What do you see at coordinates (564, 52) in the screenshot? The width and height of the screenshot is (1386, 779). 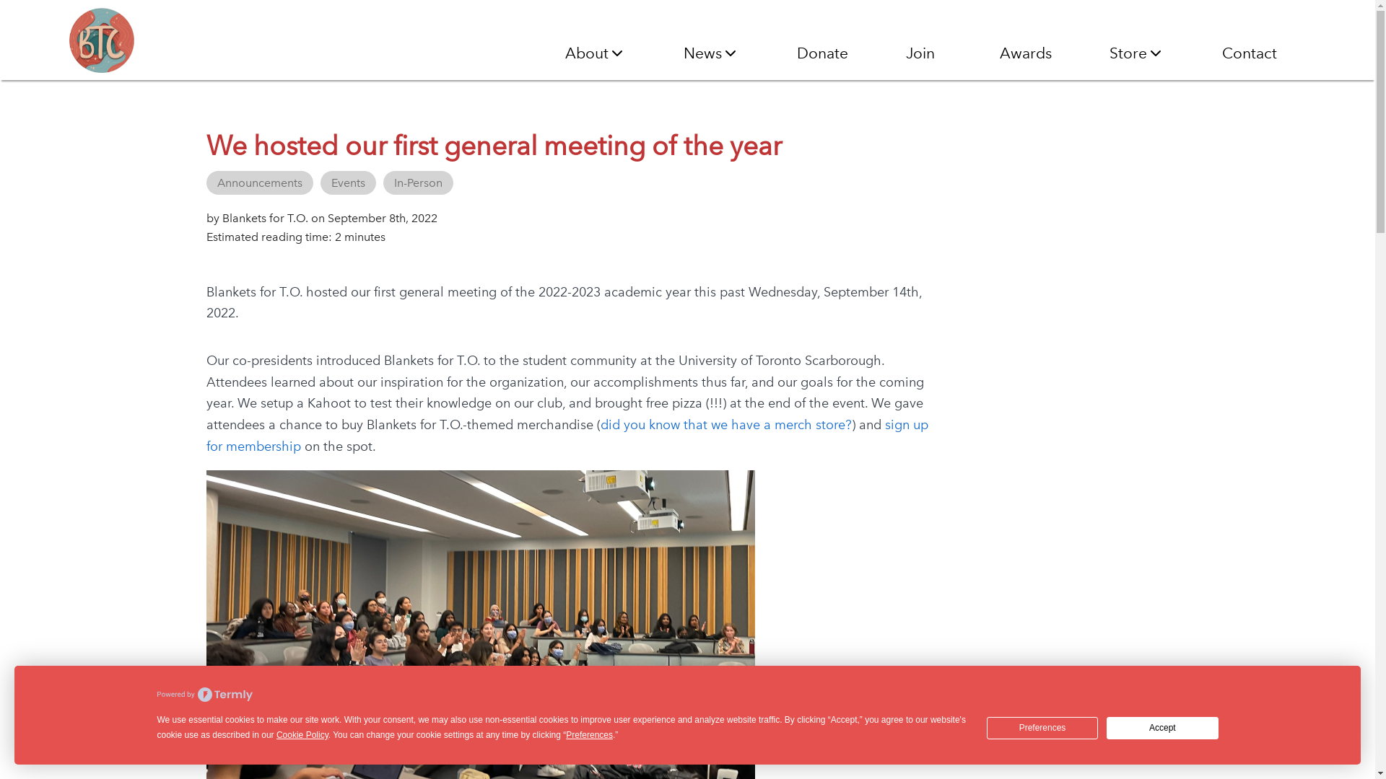 I see `'About'` at bounding box center [564, 52].